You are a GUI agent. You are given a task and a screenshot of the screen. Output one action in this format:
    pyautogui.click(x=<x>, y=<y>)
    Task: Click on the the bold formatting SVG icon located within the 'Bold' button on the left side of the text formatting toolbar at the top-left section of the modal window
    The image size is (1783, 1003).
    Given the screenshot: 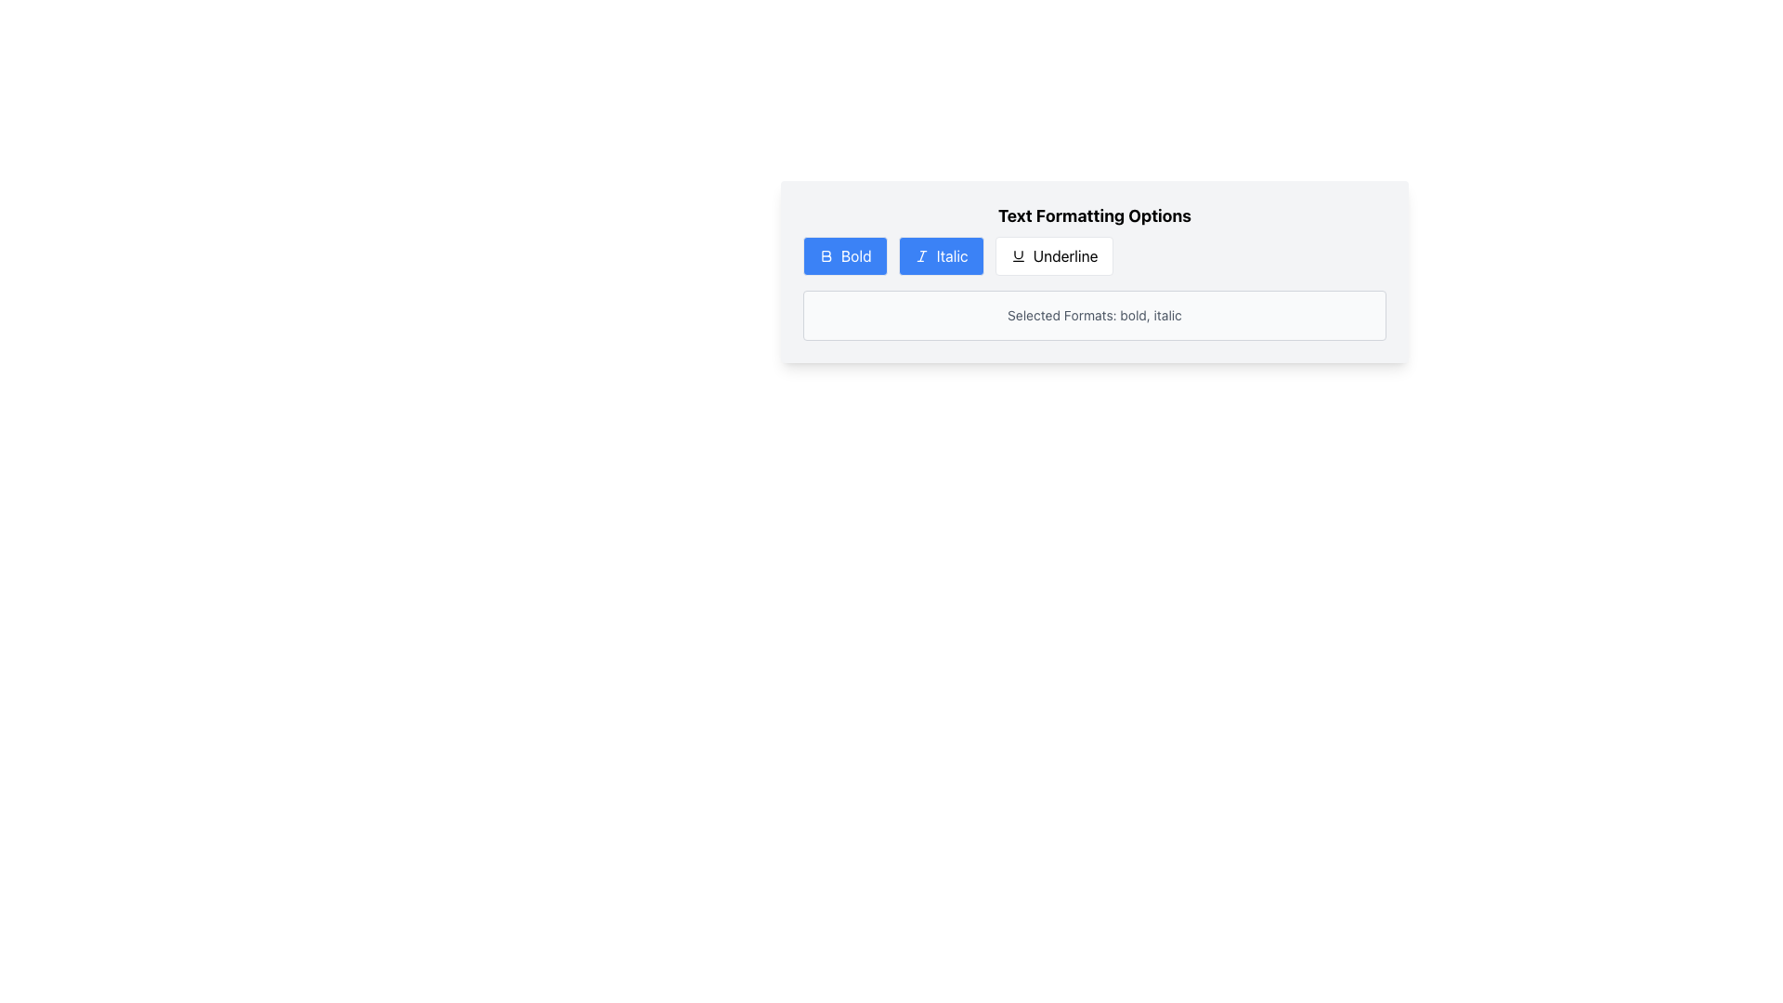 What is the action you would take?
    pyautogui.click(x=826, y=256)
    